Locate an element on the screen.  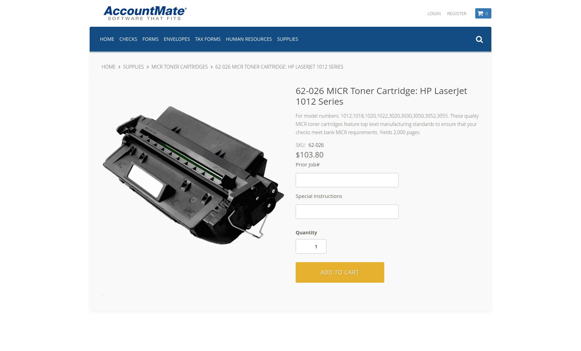
'$103.80' is located at coordinates (309, 154).